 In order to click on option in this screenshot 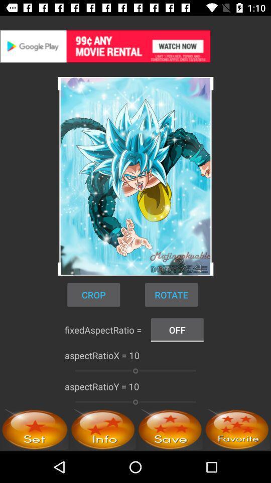, I will do `click(170, 429)`.